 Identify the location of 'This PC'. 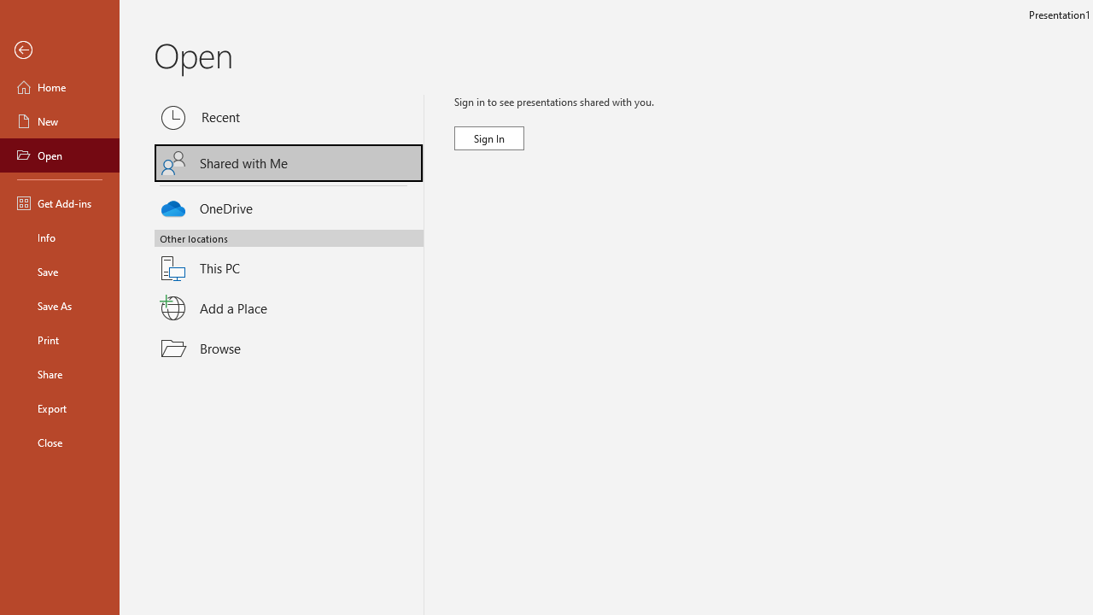
(289, 258).